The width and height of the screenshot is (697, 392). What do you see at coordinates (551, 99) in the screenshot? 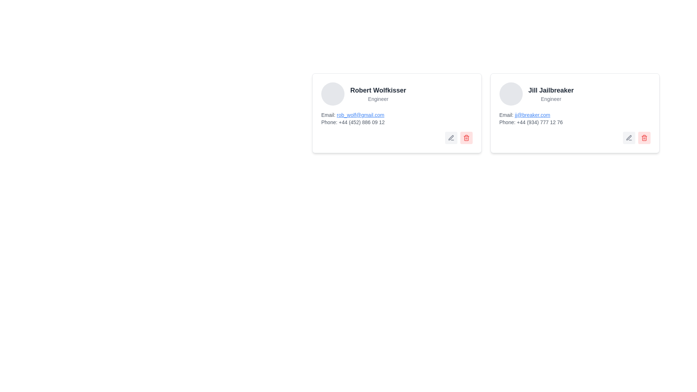
I see `the designation label located below 'Jill Jailbreaker' in the right-hand card-like box, which provides additional context about their status or job title` at bounding box center [551, 99].